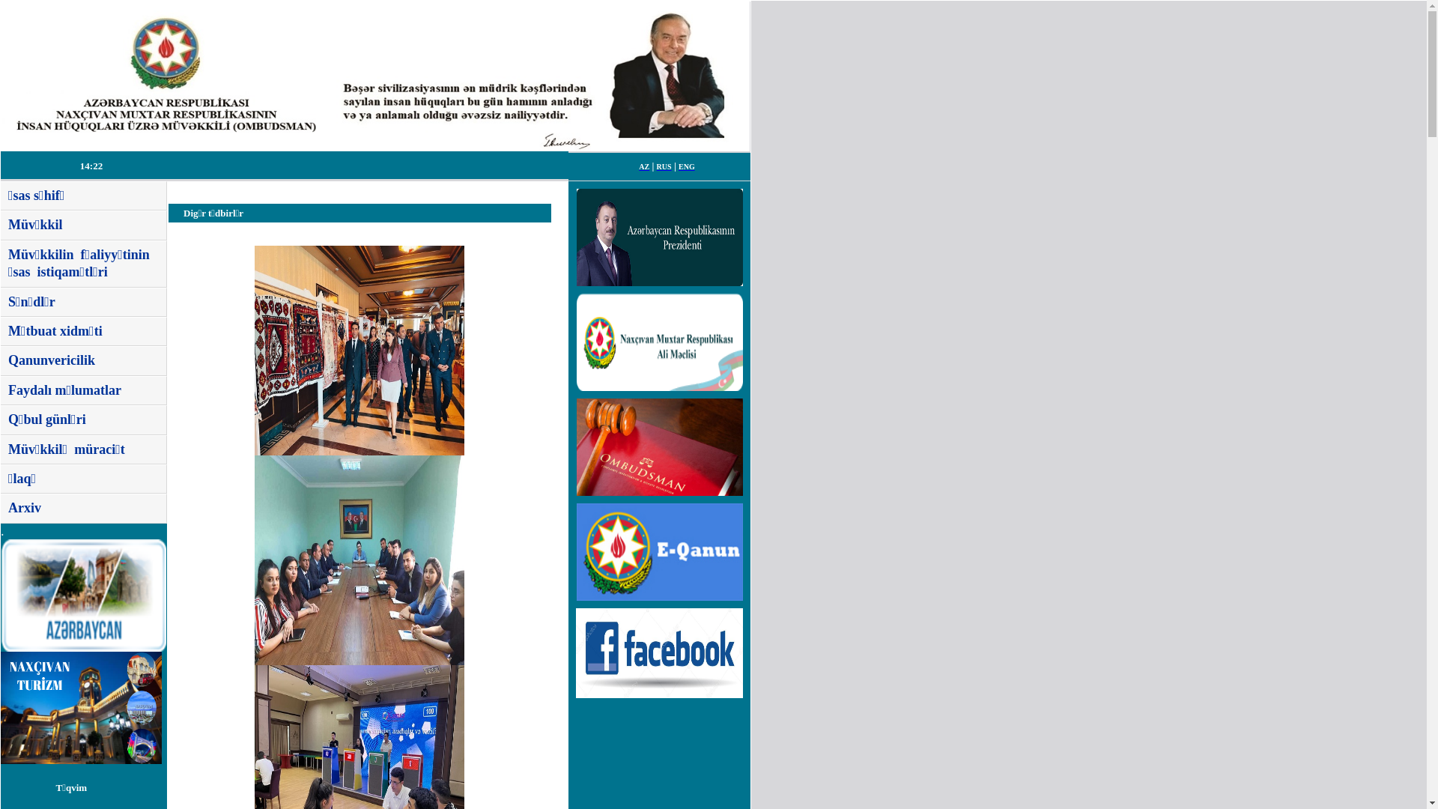 The height and width of the screenshot is (809, 1438). What do you see at coordinates (685, 166) in the screenshot?
I see `'ENG'` at bounding box center [685, 166].